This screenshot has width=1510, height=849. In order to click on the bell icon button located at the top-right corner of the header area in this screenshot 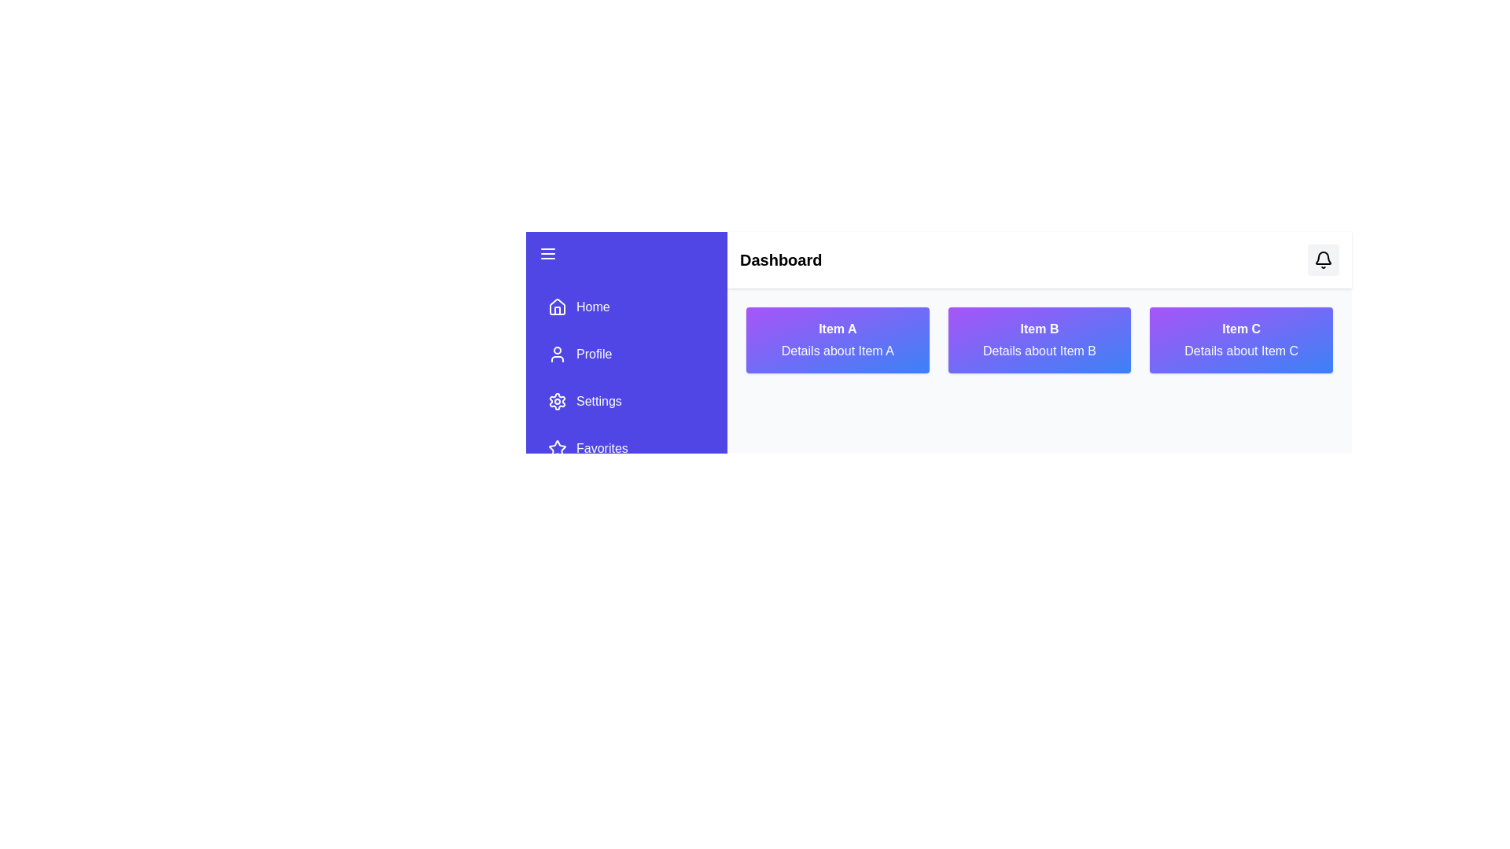, I will do `click(1323, 259)`.